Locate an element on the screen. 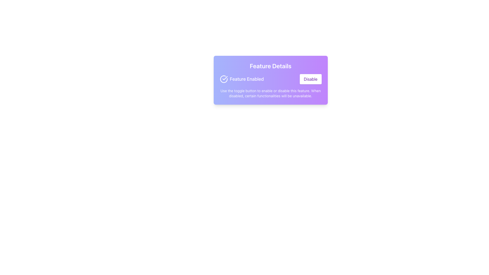  the status icon located to the left of the 'Feature Enabled' label within the 'Feature Details' card is located at coordinates (225, 78).